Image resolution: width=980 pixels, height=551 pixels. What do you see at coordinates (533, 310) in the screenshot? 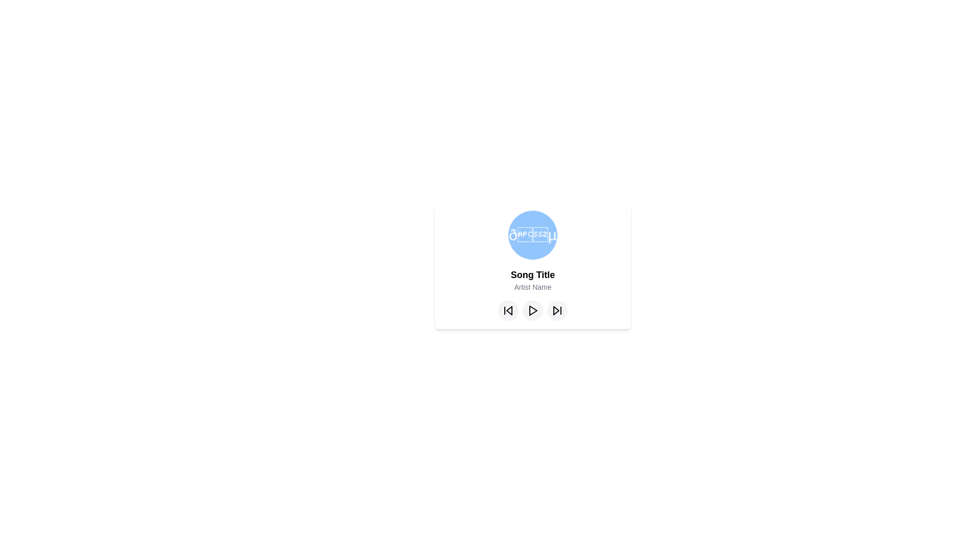
I see `the rightward-pointing triangular play button located at the bottom center of the media controls card` at bounding box center [533, 310].